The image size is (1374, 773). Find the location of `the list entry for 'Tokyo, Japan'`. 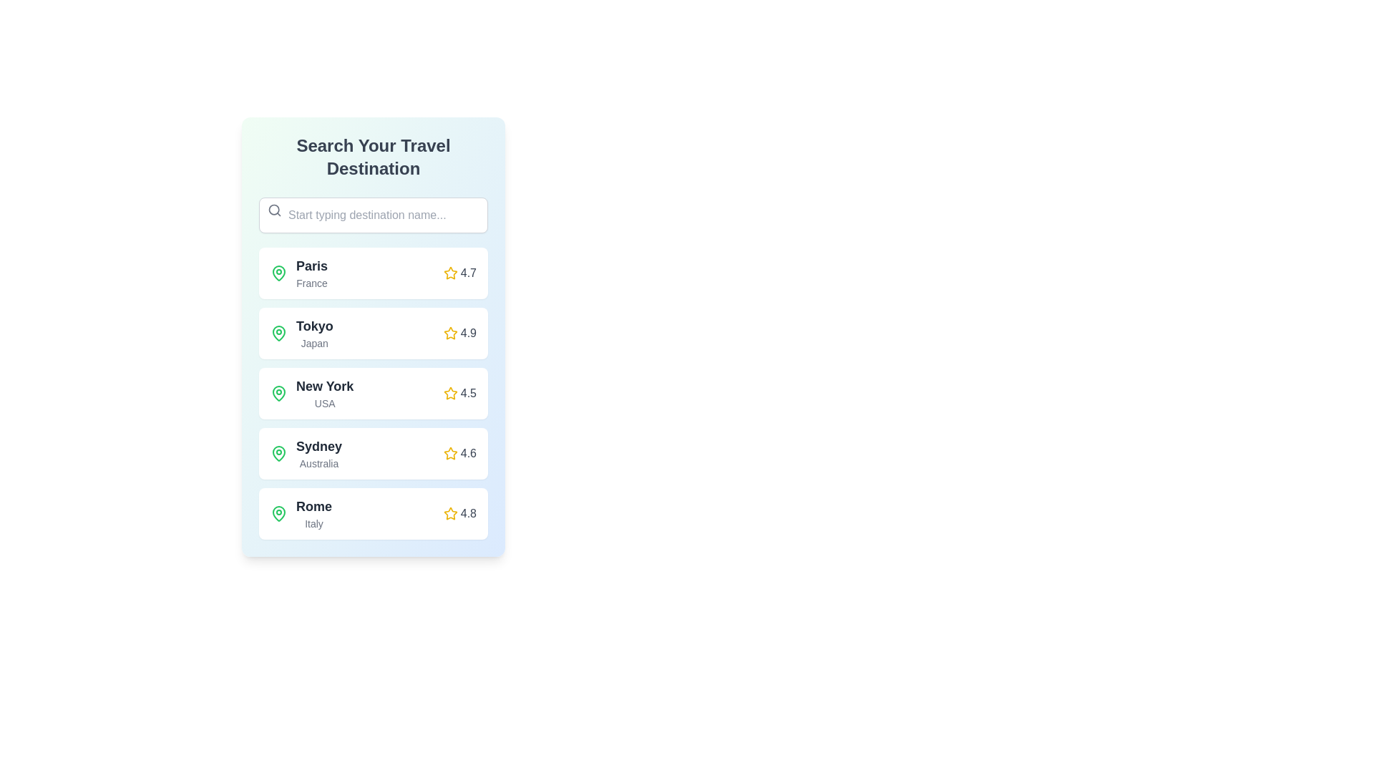

the list entry for 'Tokyo, Japan' is located at coordinates (301, 334).